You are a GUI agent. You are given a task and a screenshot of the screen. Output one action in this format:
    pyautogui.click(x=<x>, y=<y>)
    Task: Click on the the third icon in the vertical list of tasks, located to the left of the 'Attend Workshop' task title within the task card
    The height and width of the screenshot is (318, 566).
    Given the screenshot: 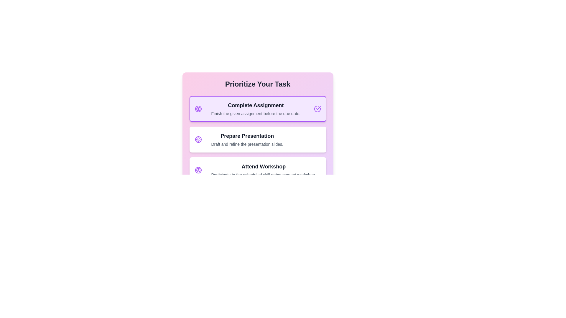 What is the action you would take?
    pyautogui.click(x=198, y=170)
    